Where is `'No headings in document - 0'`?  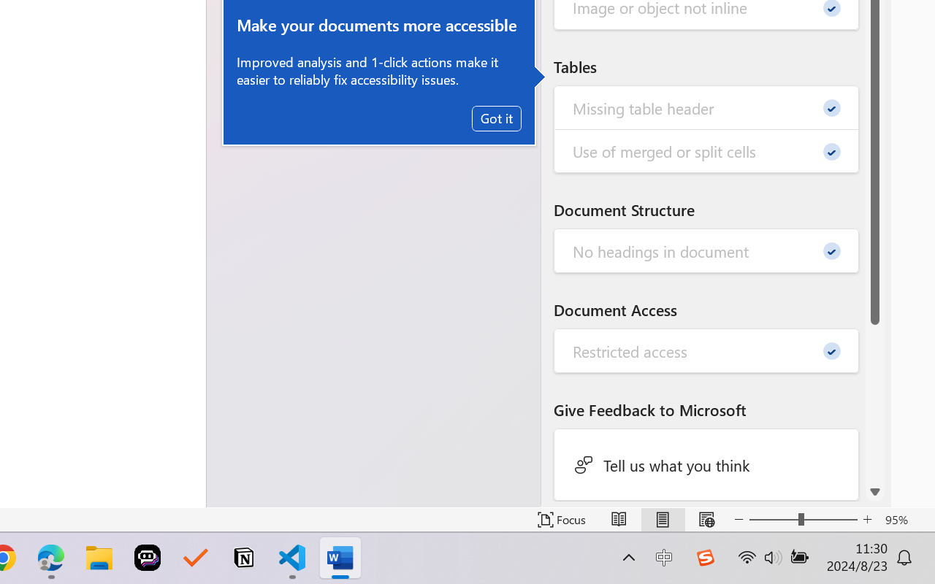
'No headings in document - 0' is located at coordinates (706, 251).